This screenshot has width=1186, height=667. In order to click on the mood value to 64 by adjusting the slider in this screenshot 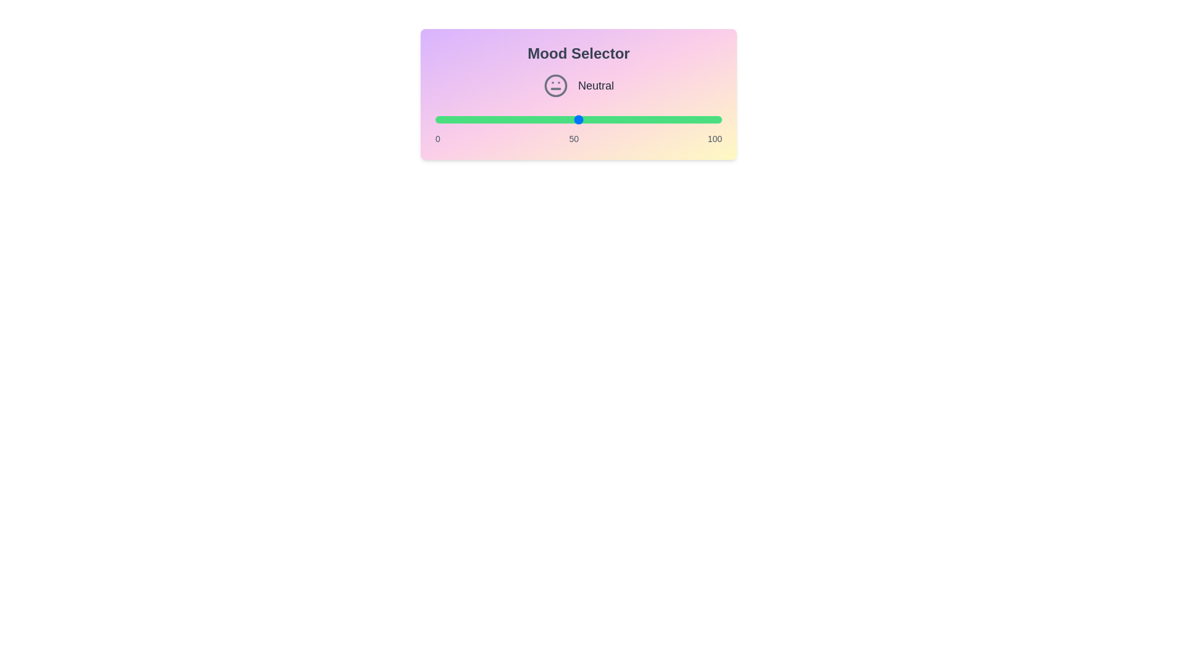, I will do `click(619, 119)`.